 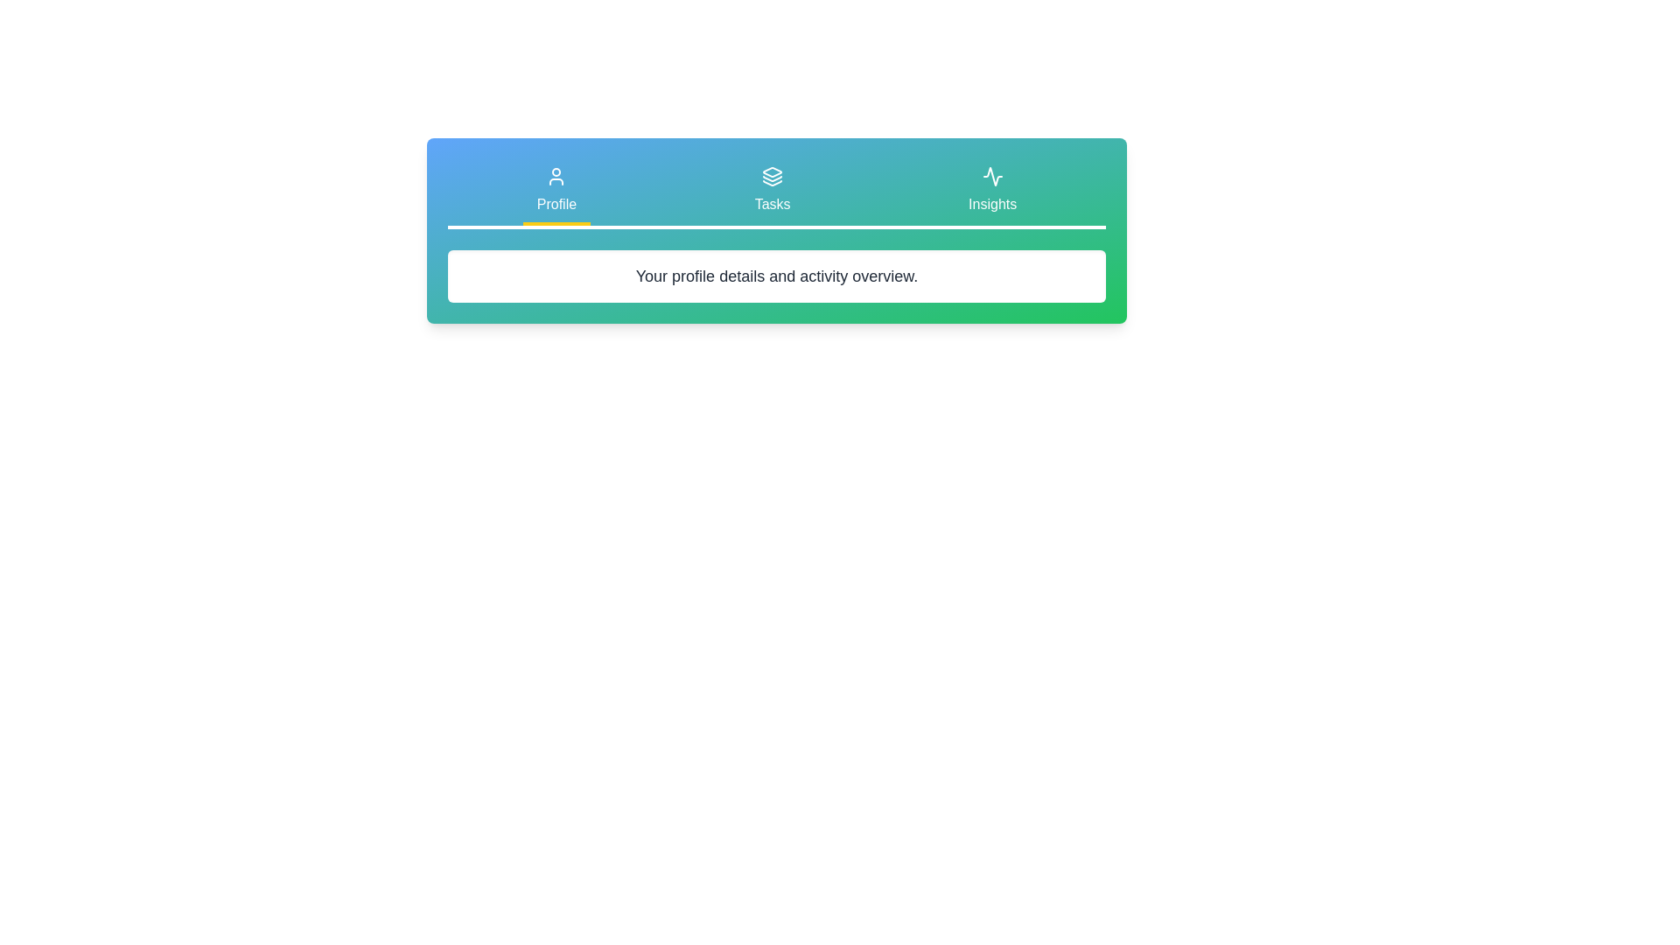 What do you see at coordinates (772, 192) in the screenshot?
I see `the tab labeled 'Tasks' to inspect its visual design` at bounding box center [772, 192].